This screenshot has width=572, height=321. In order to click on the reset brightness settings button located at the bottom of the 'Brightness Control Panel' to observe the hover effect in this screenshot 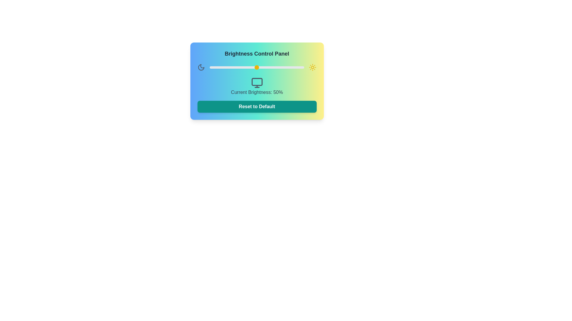, I will do `click(257, 106)`.